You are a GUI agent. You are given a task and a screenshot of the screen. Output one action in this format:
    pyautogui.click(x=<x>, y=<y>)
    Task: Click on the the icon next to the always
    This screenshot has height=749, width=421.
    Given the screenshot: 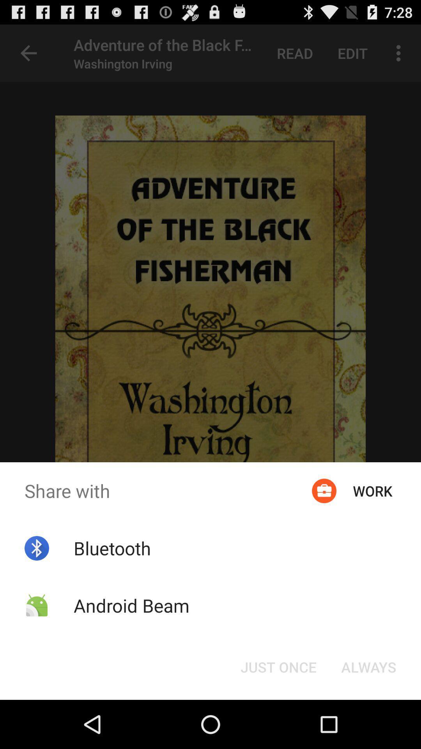 What is the action you would take?
    pyautogui.click(x=278, y=666)
    